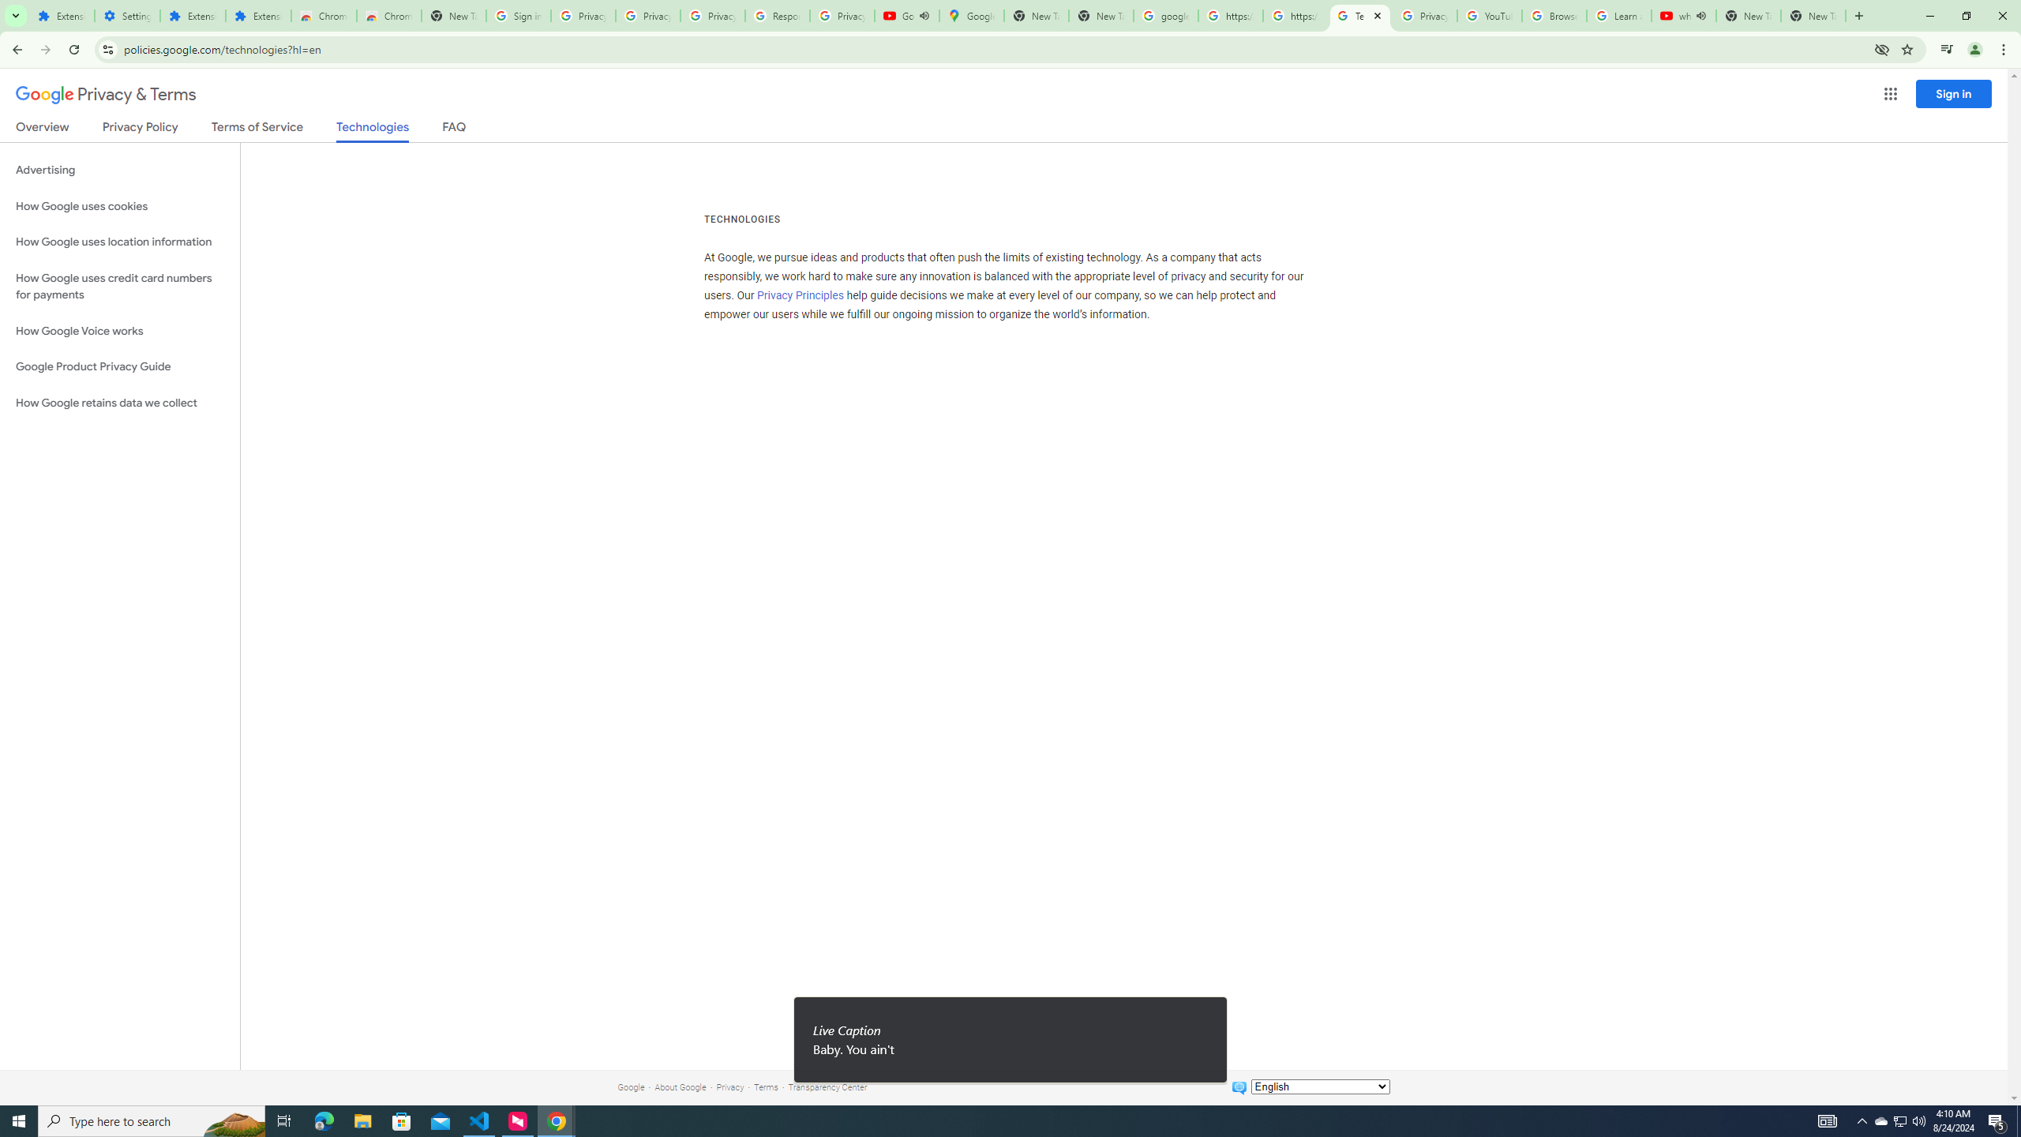  I want to click on 'How Google Voice works', so click(119, 330).